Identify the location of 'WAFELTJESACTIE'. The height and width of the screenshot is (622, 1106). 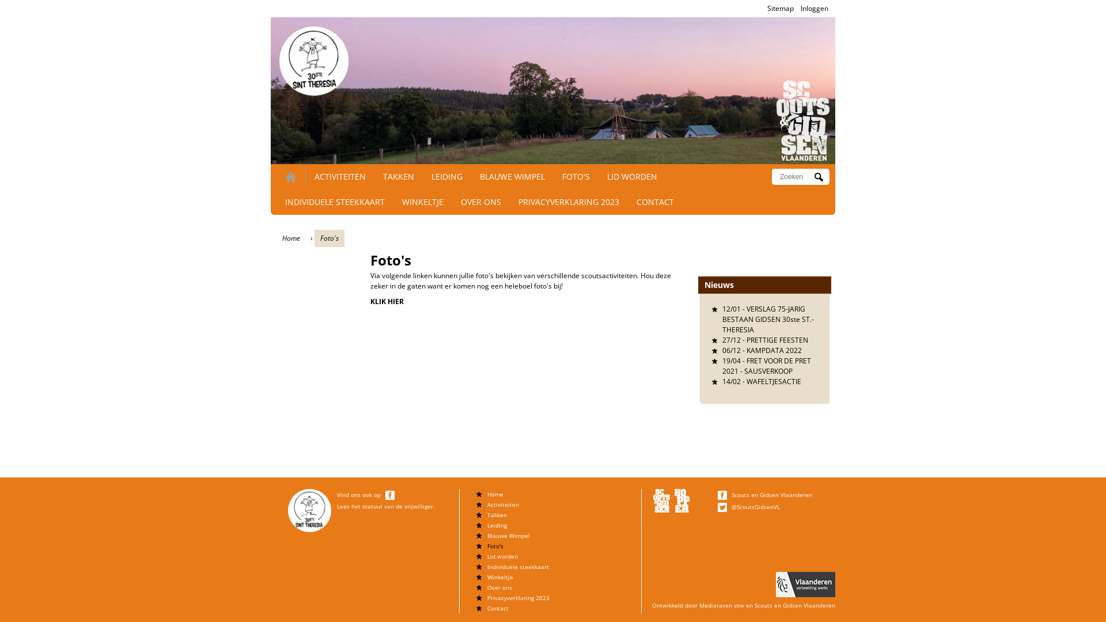
(774, 381).